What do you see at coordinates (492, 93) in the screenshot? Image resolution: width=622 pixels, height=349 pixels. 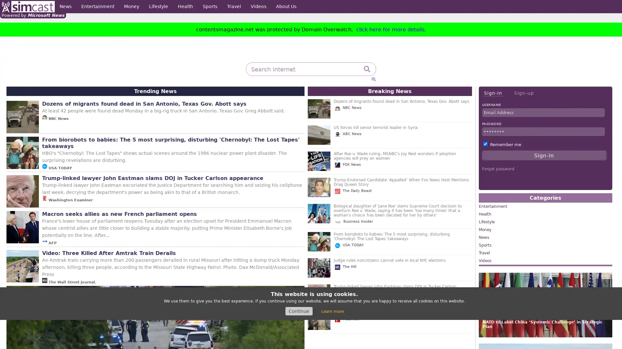 I see `Sign-in` at bounding box center [492, 93].